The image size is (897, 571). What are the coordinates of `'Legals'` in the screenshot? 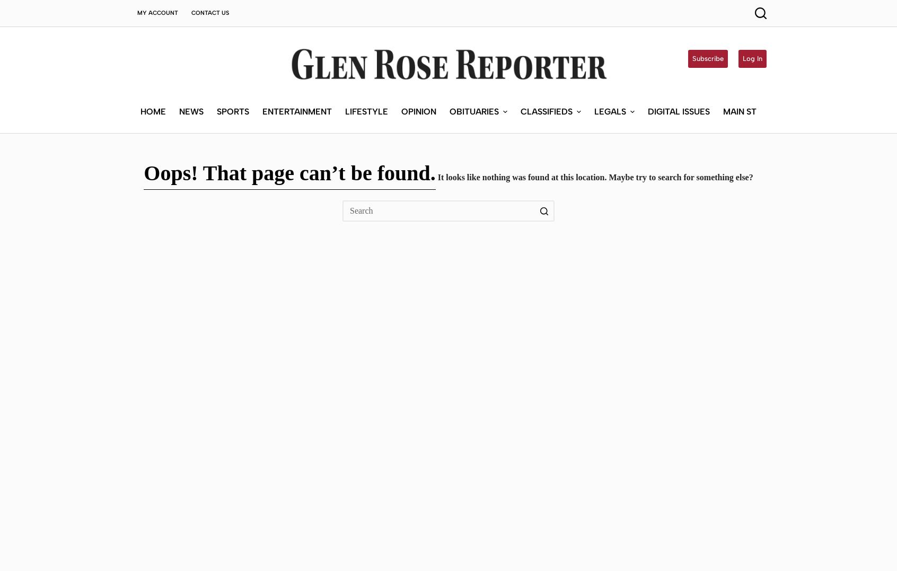 It's located at (610, 33).